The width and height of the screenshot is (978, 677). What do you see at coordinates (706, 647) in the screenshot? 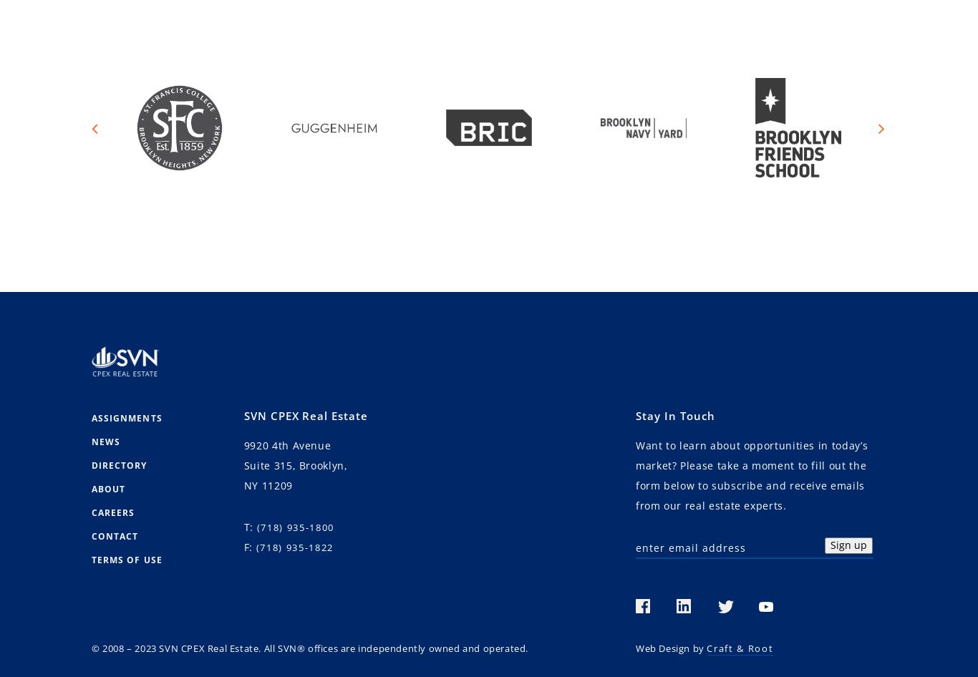
I see `'Craft & Root'` at bounding box center [706, 647].